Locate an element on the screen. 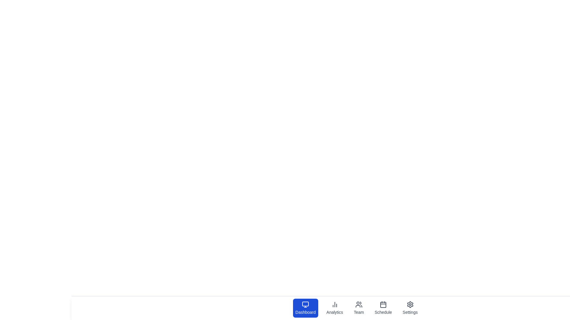 This screenshot has width=570, height=320. the tab icon corresponding to Analytics is located at coordinates (335, 308).